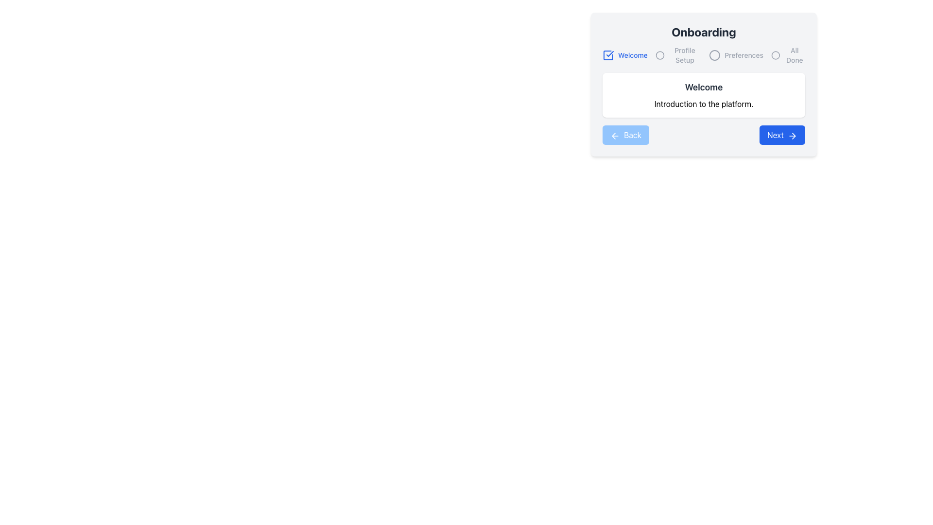 The width and height of the screenshot is (933, 525). What do you see at coordinates (615, 135) in the screenshot?
I see `the 'Back' button's icon, which is located in the bottom-left corner of the dialog box, next to the text 'Back'` at bounding box center [615, 135].